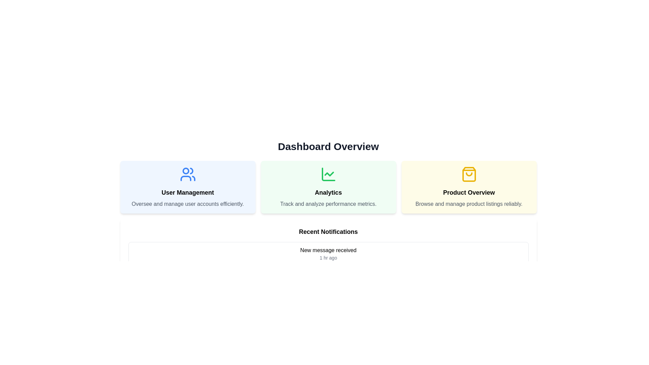  Describe the element at coordinates (191, 170) in the screenshot. I see `the rightmost circular segment of the user icon within the 'User Management' card on the dashboard` at that location.